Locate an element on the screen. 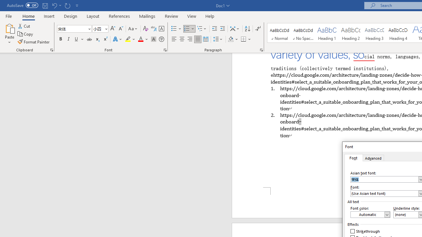  'Heading 2' is located at coordinates (350, 33).